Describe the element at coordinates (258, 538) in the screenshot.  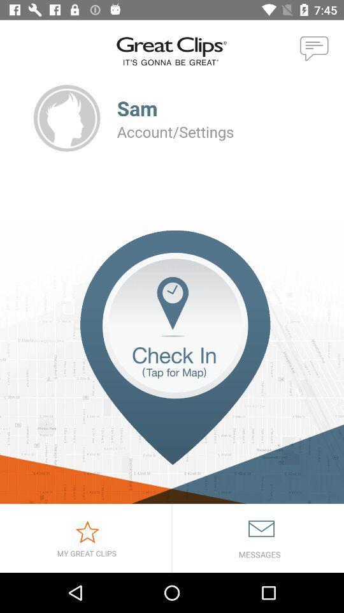
I see `read mail` at that location.